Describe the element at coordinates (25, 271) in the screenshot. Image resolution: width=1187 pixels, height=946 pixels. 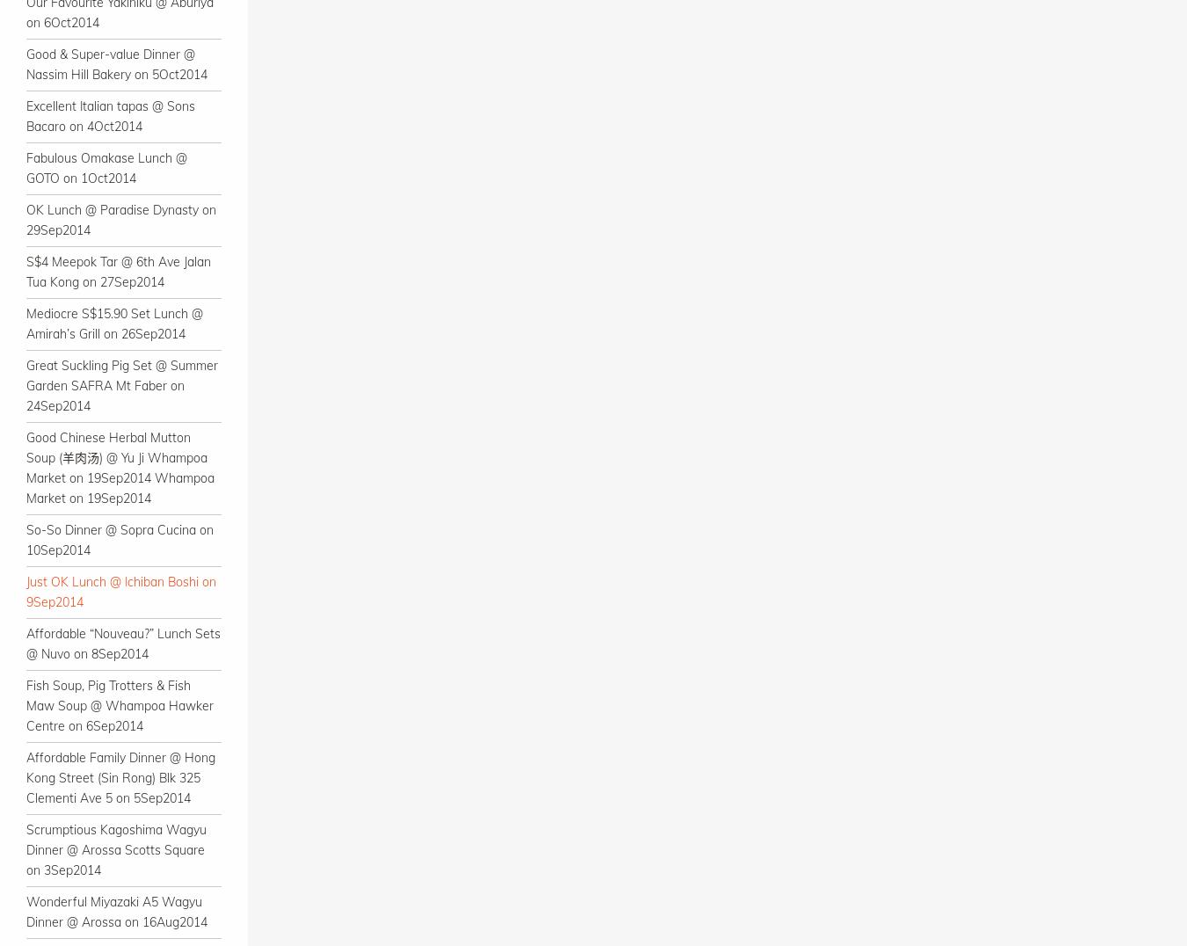
I see `'S$4 Meepok Tar @ 6th Ave Jalan Tua Kong on 27Sep2014'` at that location.